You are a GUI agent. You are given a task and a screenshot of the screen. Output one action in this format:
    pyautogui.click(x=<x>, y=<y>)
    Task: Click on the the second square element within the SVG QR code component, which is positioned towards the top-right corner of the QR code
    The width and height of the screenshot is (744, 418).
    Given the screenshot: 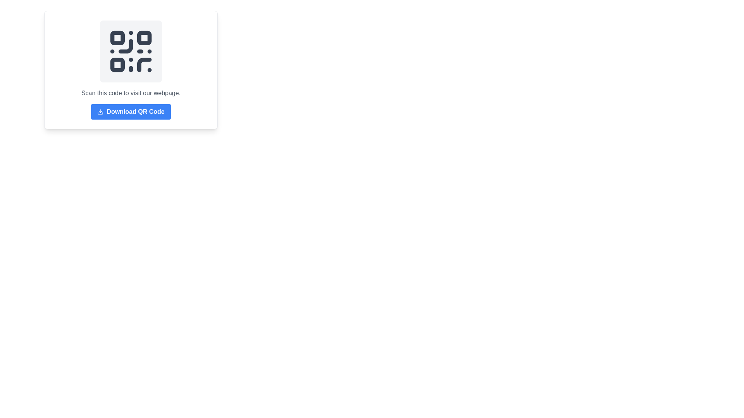 What is the action you would take?
    pyautogui.click(x=144, y=38)
    